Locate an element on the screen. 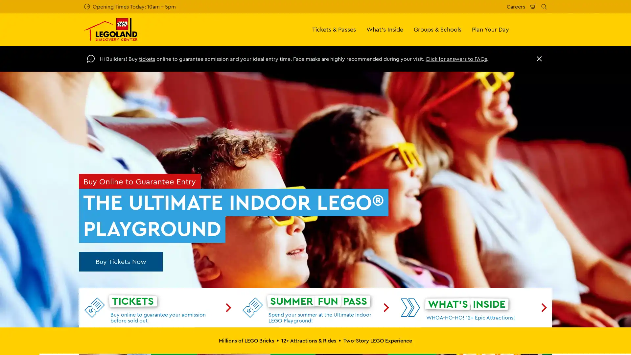 The width and height of the screenshot is (631, 355). Tickets & Passes is located at coordinates (334, 29).